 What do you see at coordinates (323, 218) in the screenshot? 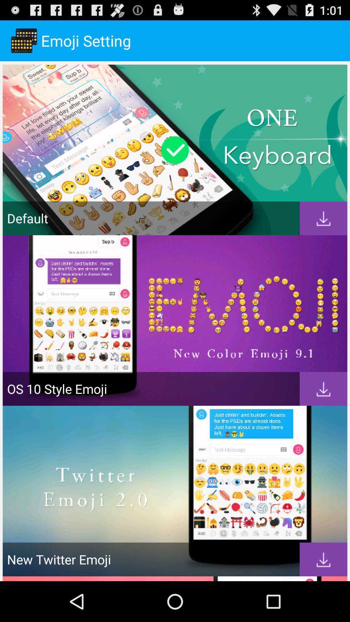
I see `opens full page for item` at bounding box center [323, 218].